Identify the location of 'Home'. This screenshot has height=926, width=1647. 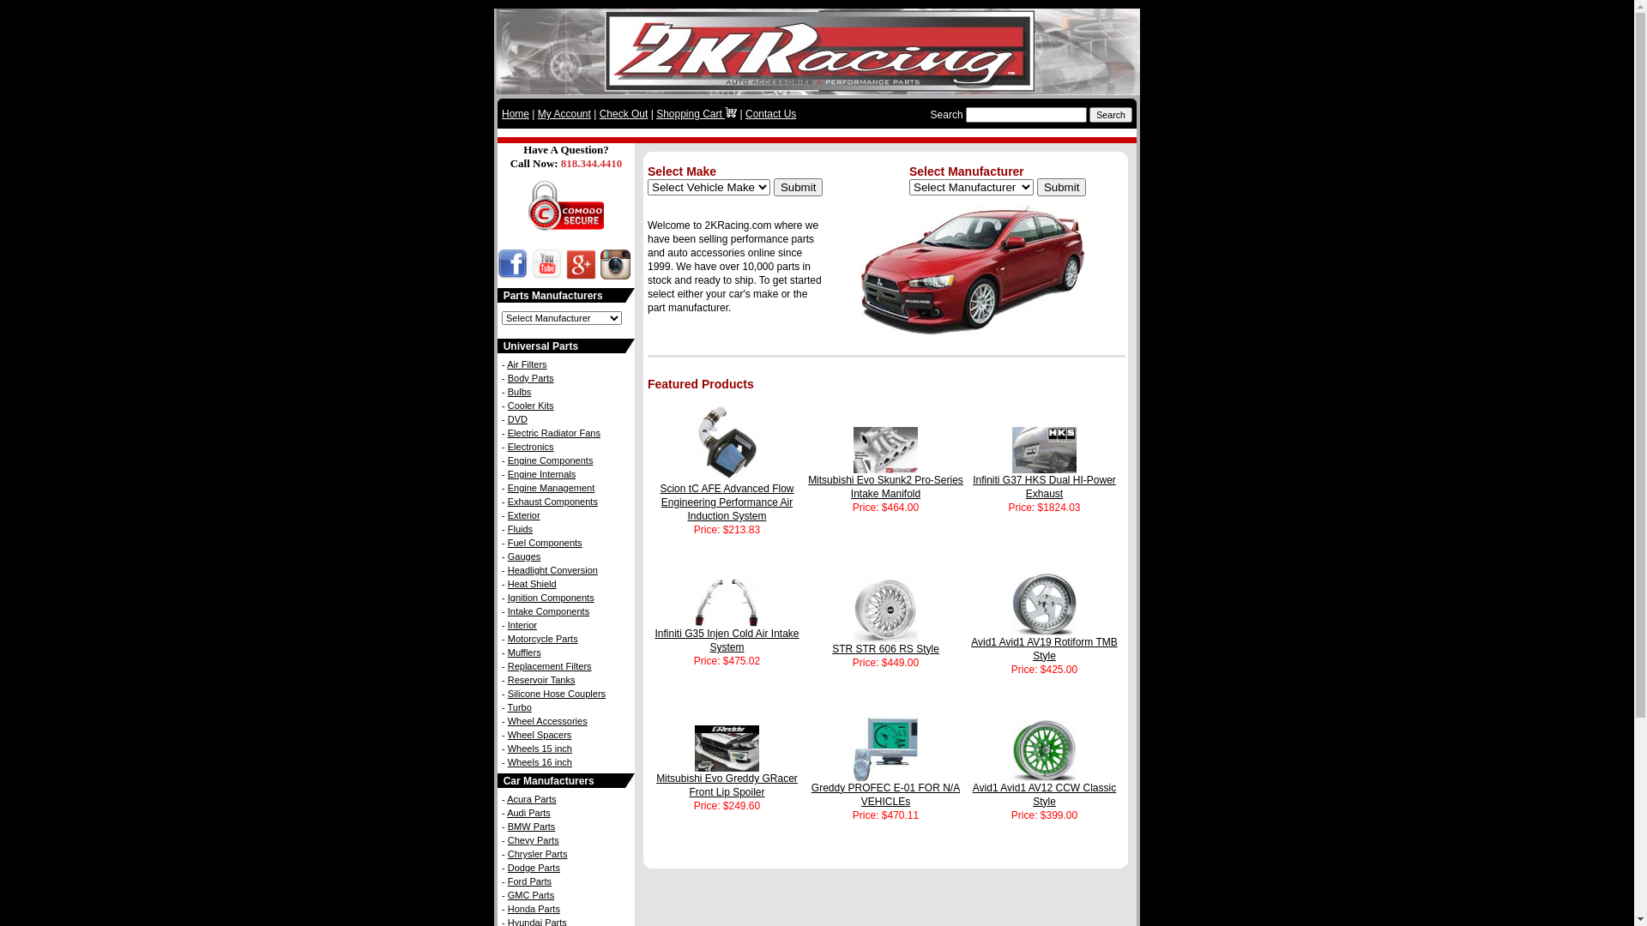
(514, 113).